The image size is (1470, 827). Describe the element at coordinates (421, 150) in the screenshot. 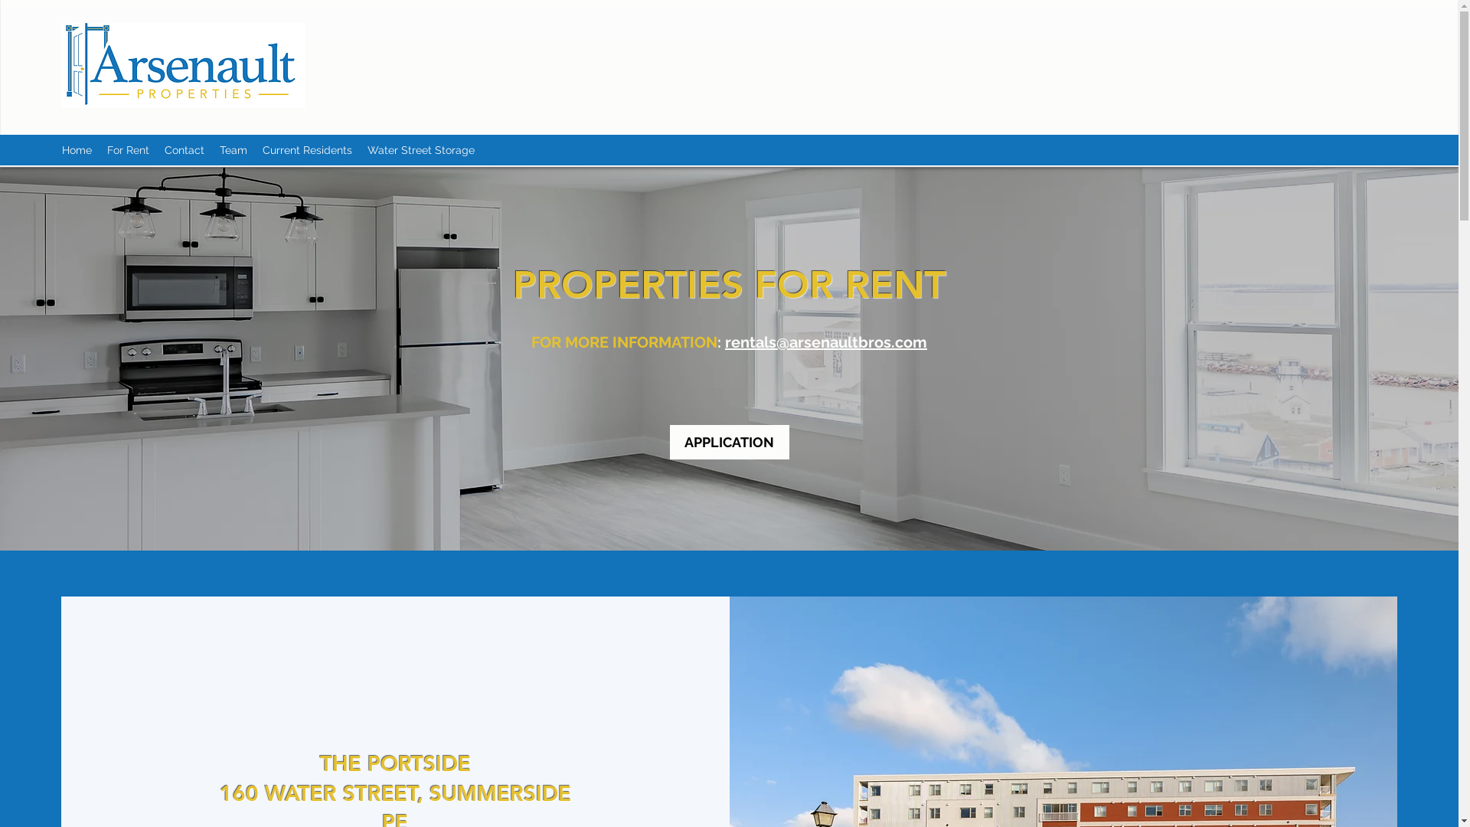

I see `'Water Street Storage'` at that location.